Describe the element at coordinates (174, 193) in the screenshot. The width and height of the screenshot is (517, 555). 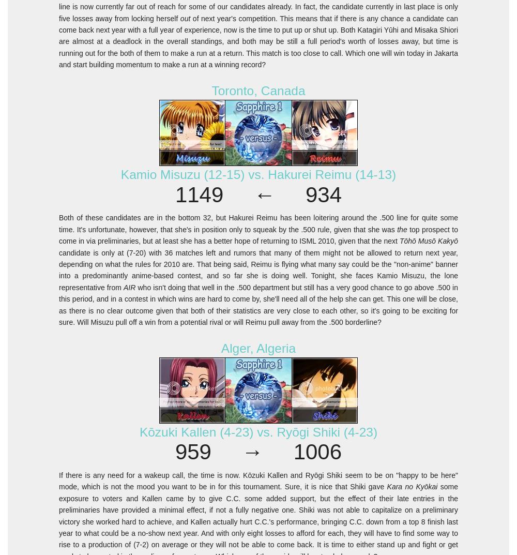
I see `'1149     ←     934'` at that location.